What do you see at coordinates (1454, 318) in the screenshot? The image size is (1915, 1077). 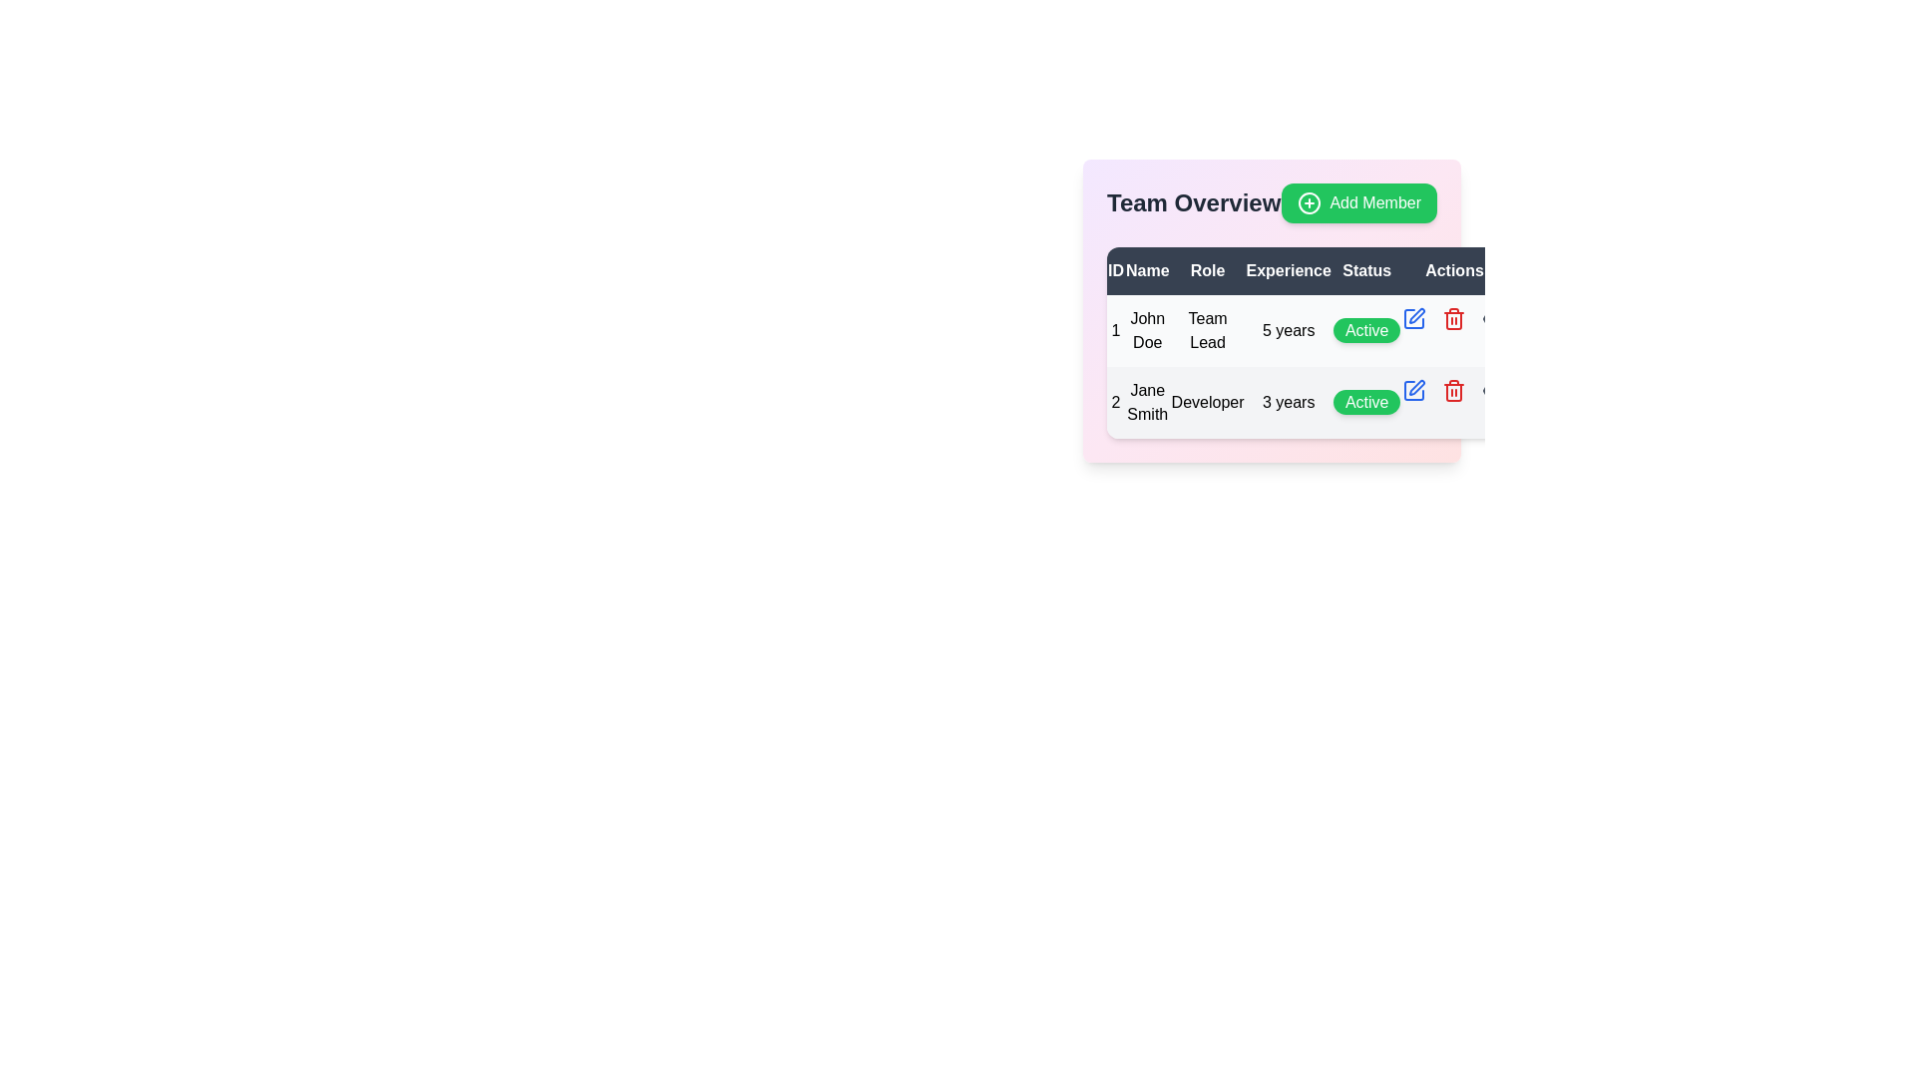 I see `the red trash icon in the 'Actions' column of the first row` at bounding box center [1454, 318].